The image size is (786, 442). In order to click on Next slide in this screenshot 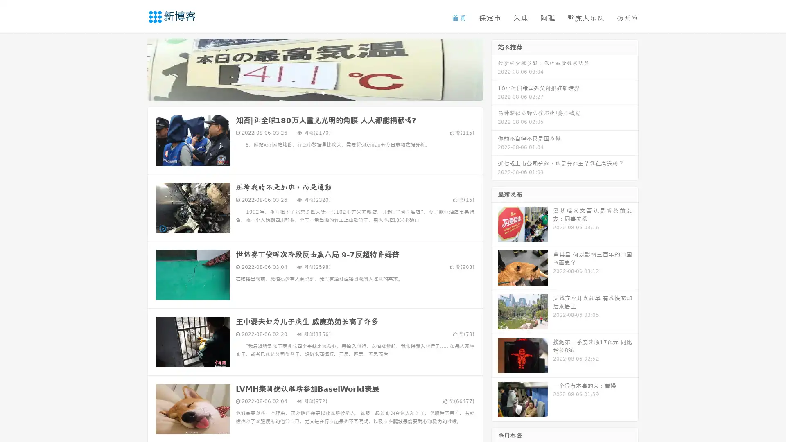, I will do `click(495, 69)`.